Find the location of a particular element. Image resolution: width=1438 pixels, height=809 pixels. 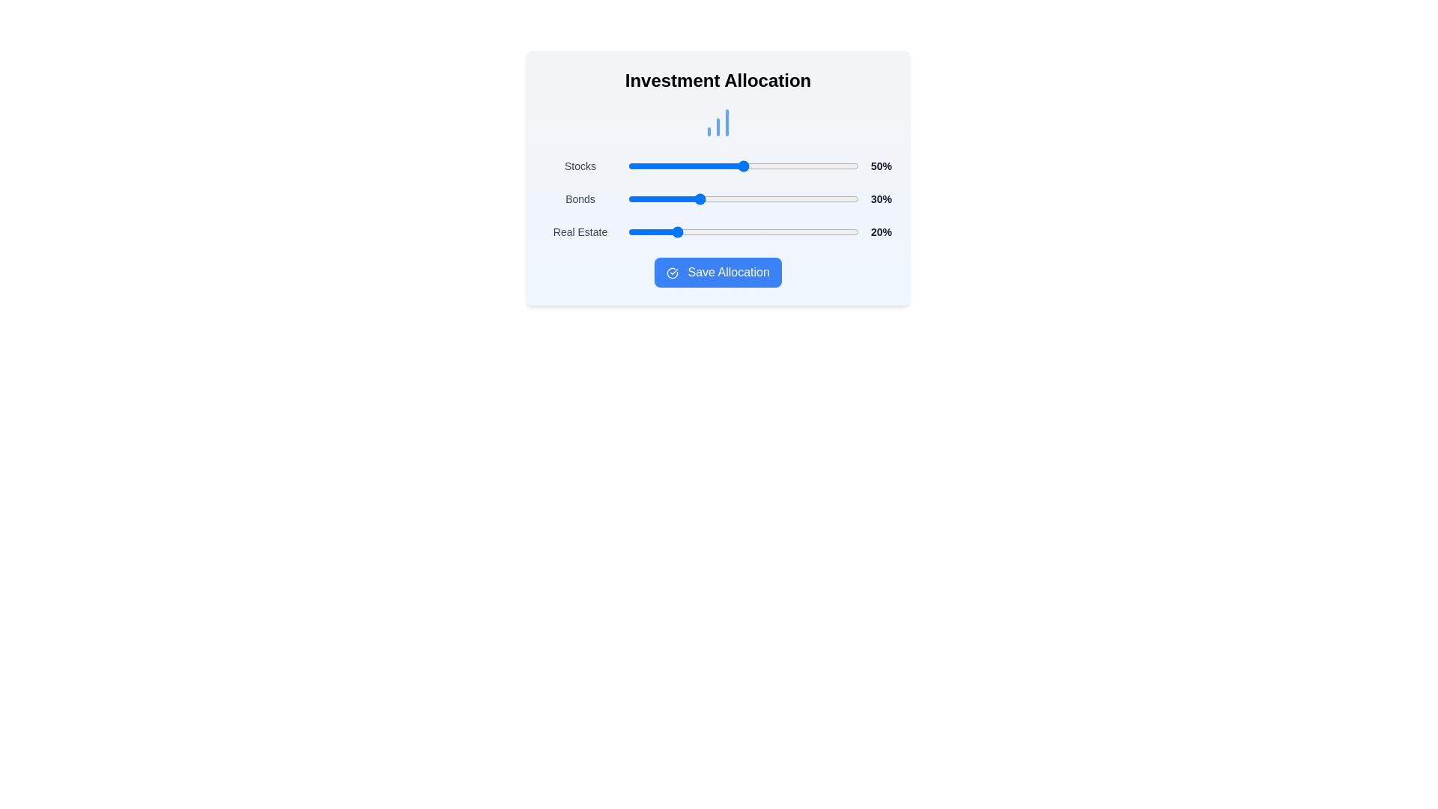

'Save Allocation' button to save the current investment allocations is located at coordinates (718, 272).